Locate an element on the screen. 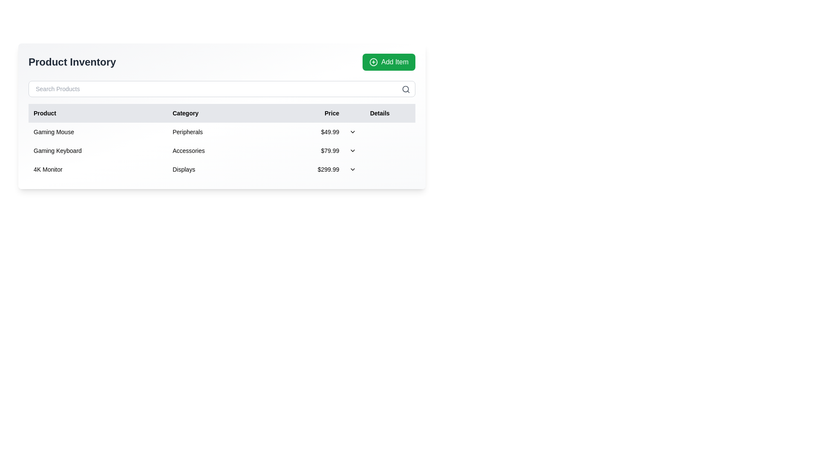  the magnifying glass icon which is a gray line drawing positioned at the far right inside the search input field is located at coordinates (406, 89).